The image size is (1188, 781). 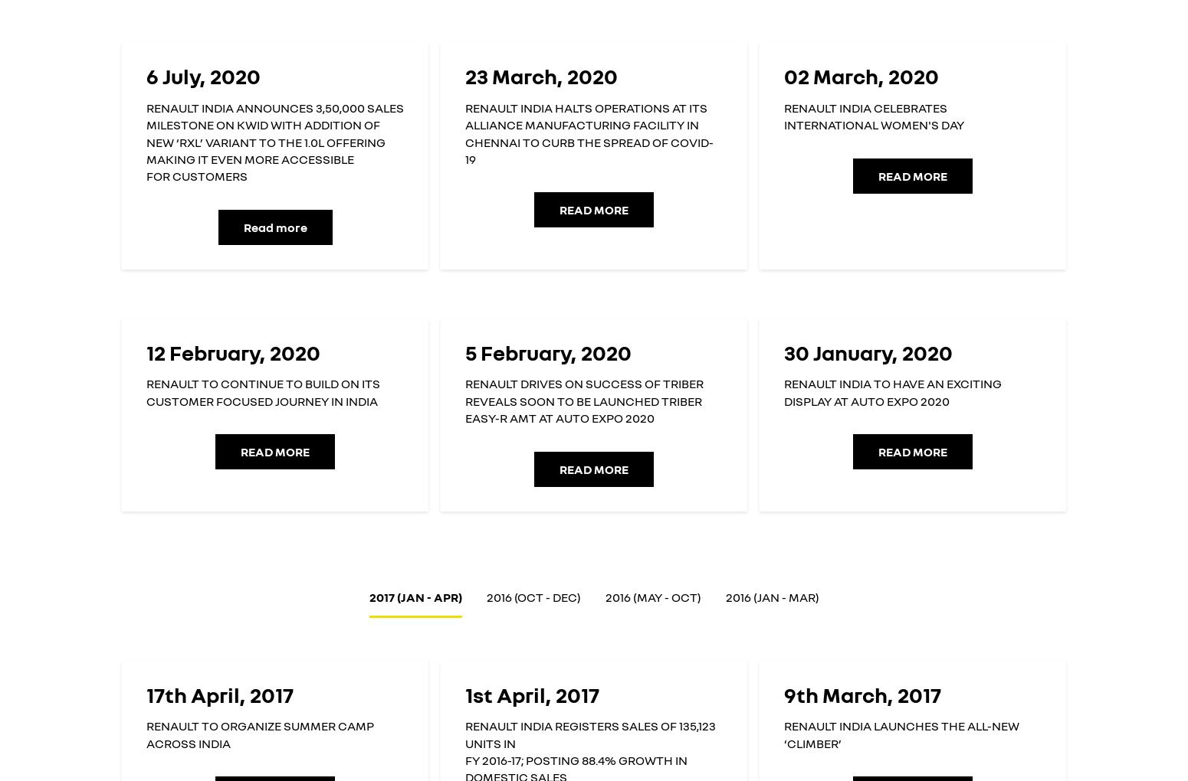 What do you see at coordinates (145, 141) in the screenshot?
I see `'RENAULT INDIA ANNOUNCES 3,50,000 SALES MILESTONE ON KWID WITH ADDITION OF NEW ‘RXL’ VARIANT TO THE 1.0L OFFERING MAKING IT EVEN MORE ACCESSIBLE FOR CUSTOMERS'` at bounding box center [145, 141].